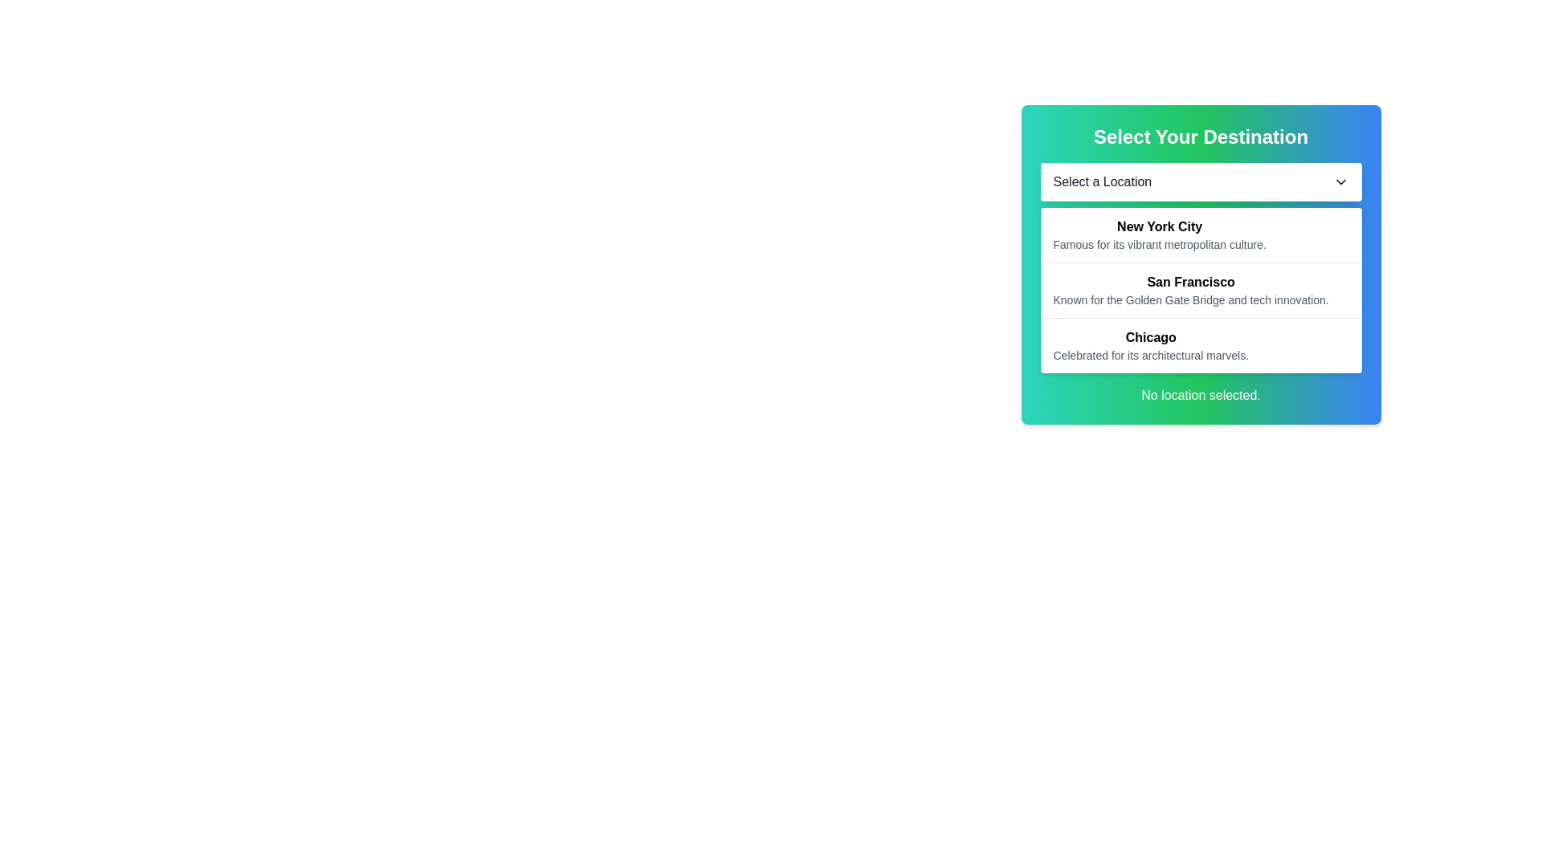  Describe the element at coordinates (1150, 355) in the screenshot. I see `text label displaying 'Celebrated for its architectural marvels.' located beneath the bolded city name 'Chicago' in the details section` at that location.